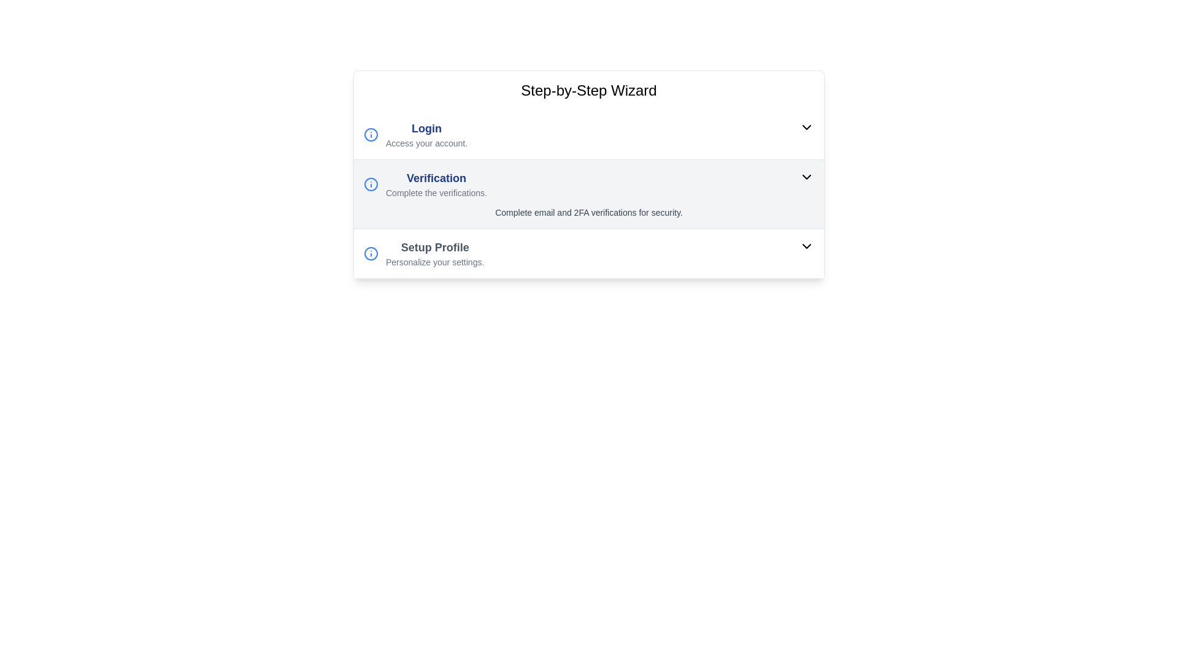  What do you see at coordinates (589, 253) in the screenshot?
I see `the third item in the vertical procedural list within the 'Step-by-Step Wizard' panel` at bounding box center [589, 253].